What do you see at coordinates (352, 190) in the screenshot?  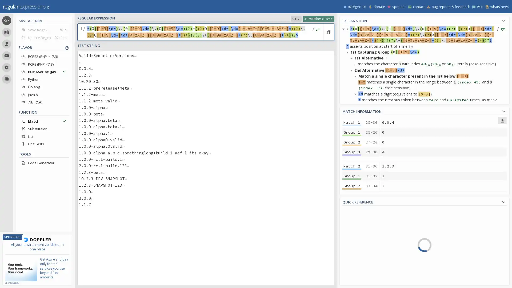 I see `Collapse Subtree` at bounding box center [352, 190].